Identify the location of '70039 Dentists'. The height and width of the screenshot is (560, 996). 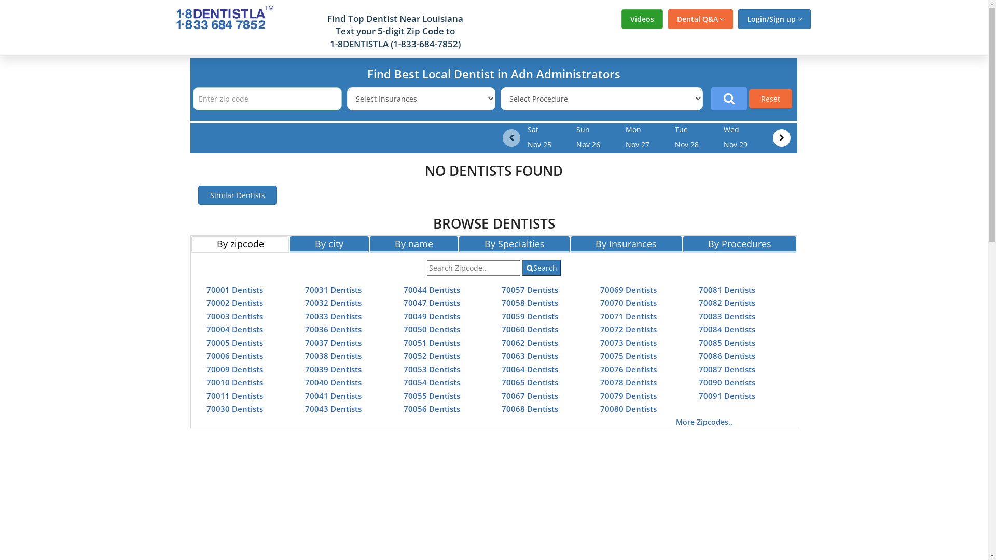
(333, 369).